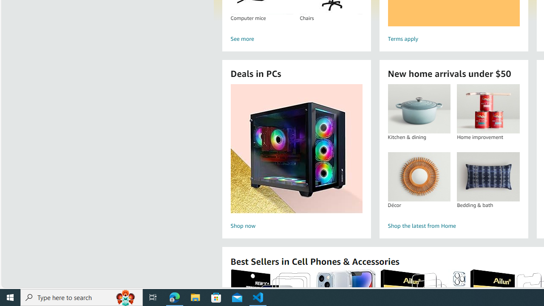  Describe the element at coordinates (296, 158) in the screenshot. I see `'Deals in PCs Shop now'` at that location.